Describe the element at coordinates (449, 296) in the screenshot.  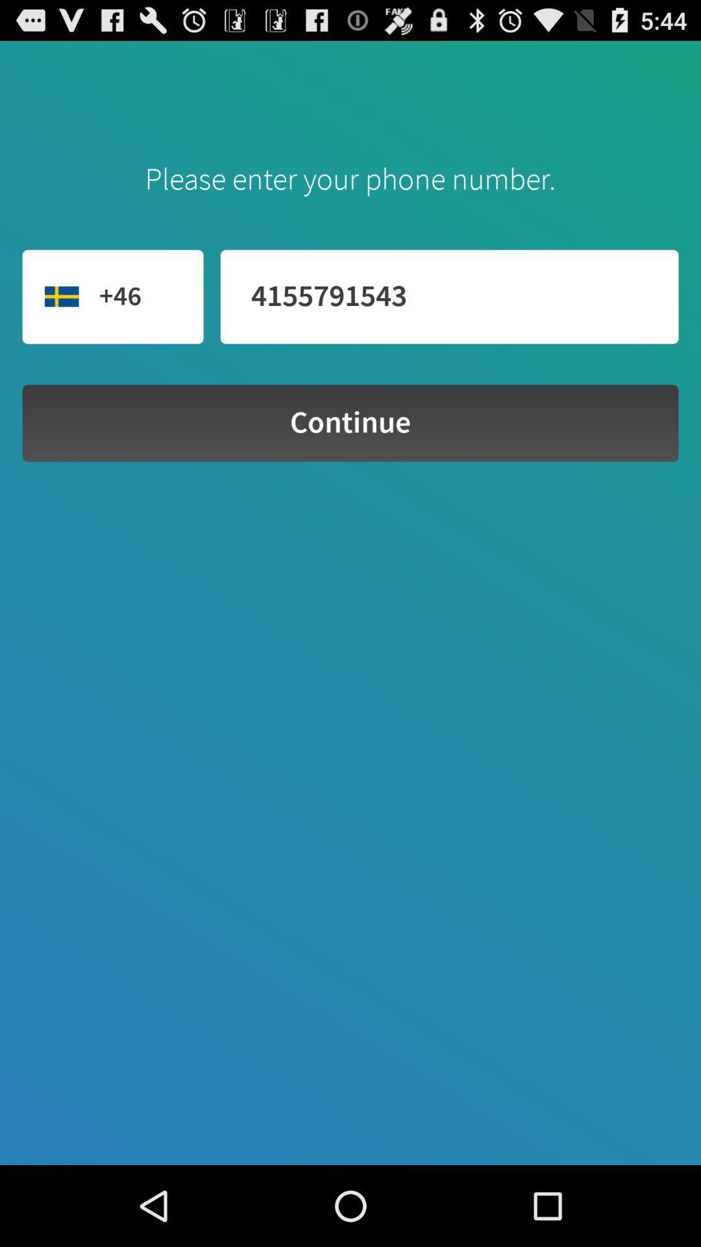
I see `icon next to +46 icon` at that location.